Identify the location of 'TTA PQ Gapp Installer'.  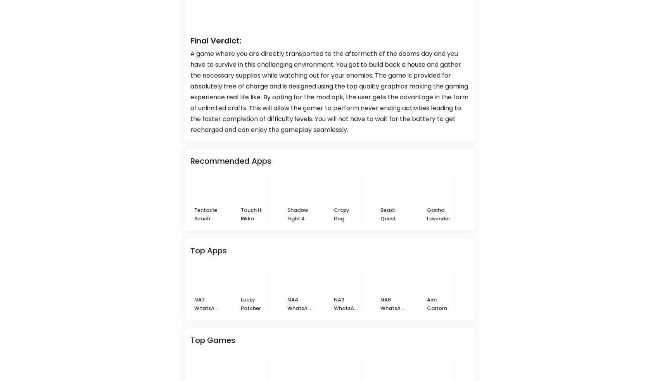
(473, 308).